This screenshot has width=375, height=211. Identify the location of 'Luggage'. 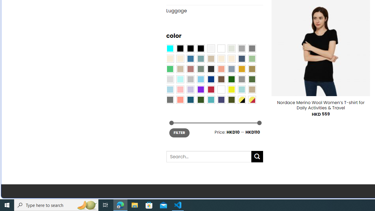
(214, 11).